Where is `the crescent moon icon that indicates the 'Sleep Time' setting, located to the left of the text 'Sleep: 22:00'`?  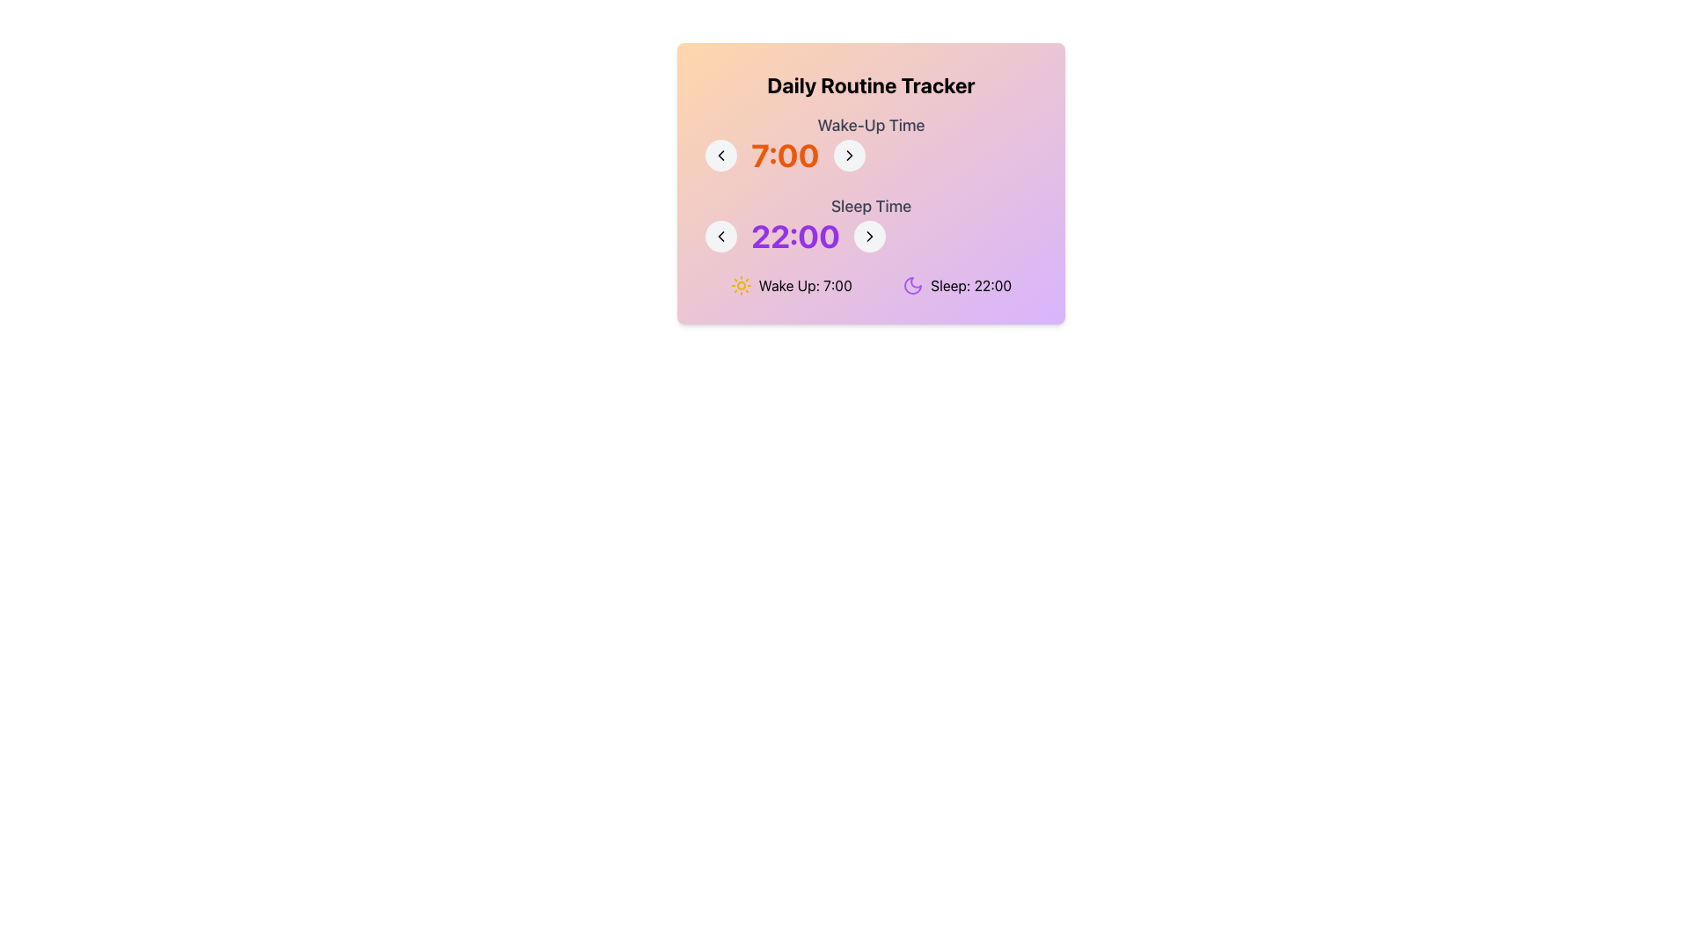
the crescent moon icon that indicates the 'Sleep Time' setting, located to the left of the text 'Sleep: 22:00' is located at coordinates (913, 284).